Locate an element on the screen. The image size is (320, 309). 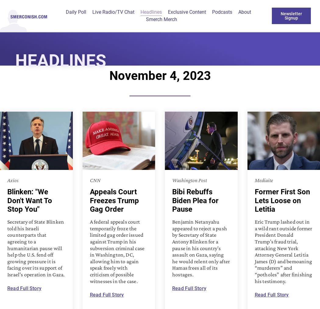
'Blinken: "We Don't Want To Stop You"' is located at coordinates (30, 200).